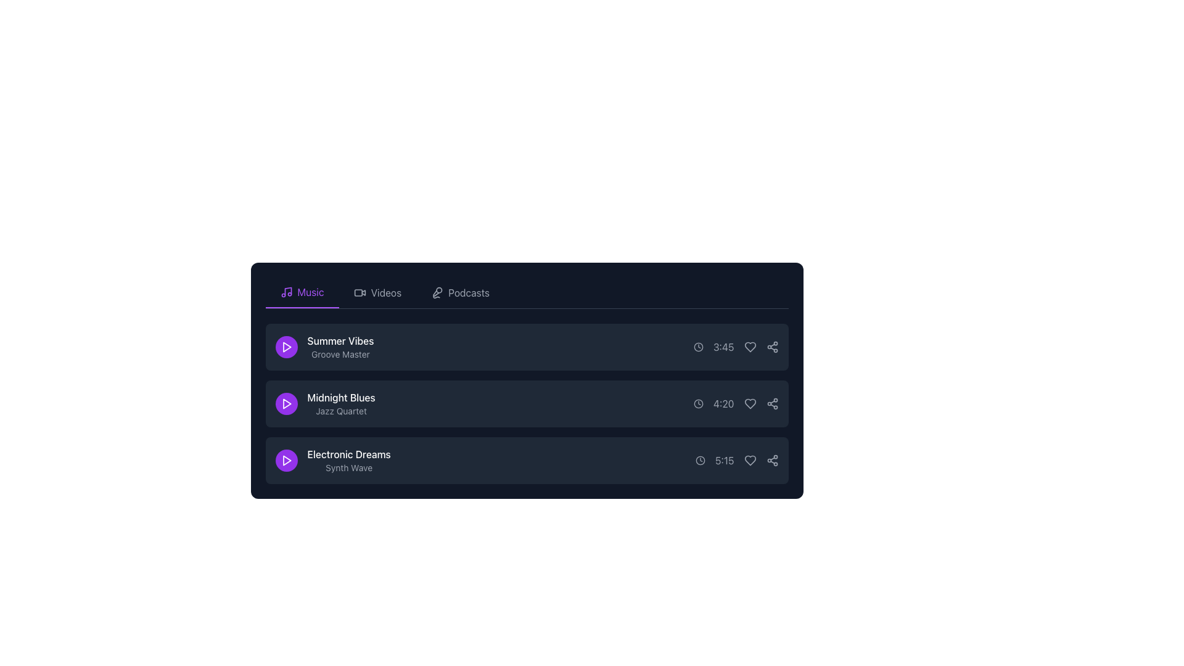 Image resolution: width=1184 pixels, height=666 pixels. Describe the element at coordinates (771, 404) in the screenshot. I see `the share button located on the far-right of the row displaying the 'Midnight Blues' item` at that location.